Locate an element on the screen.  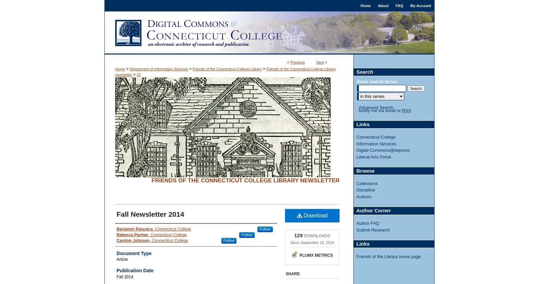
'Advanced Search' is located at coordinates (376, 107).